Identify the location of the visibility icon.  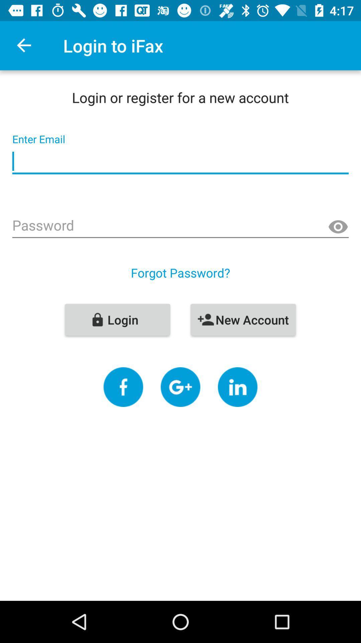
(338, 227).